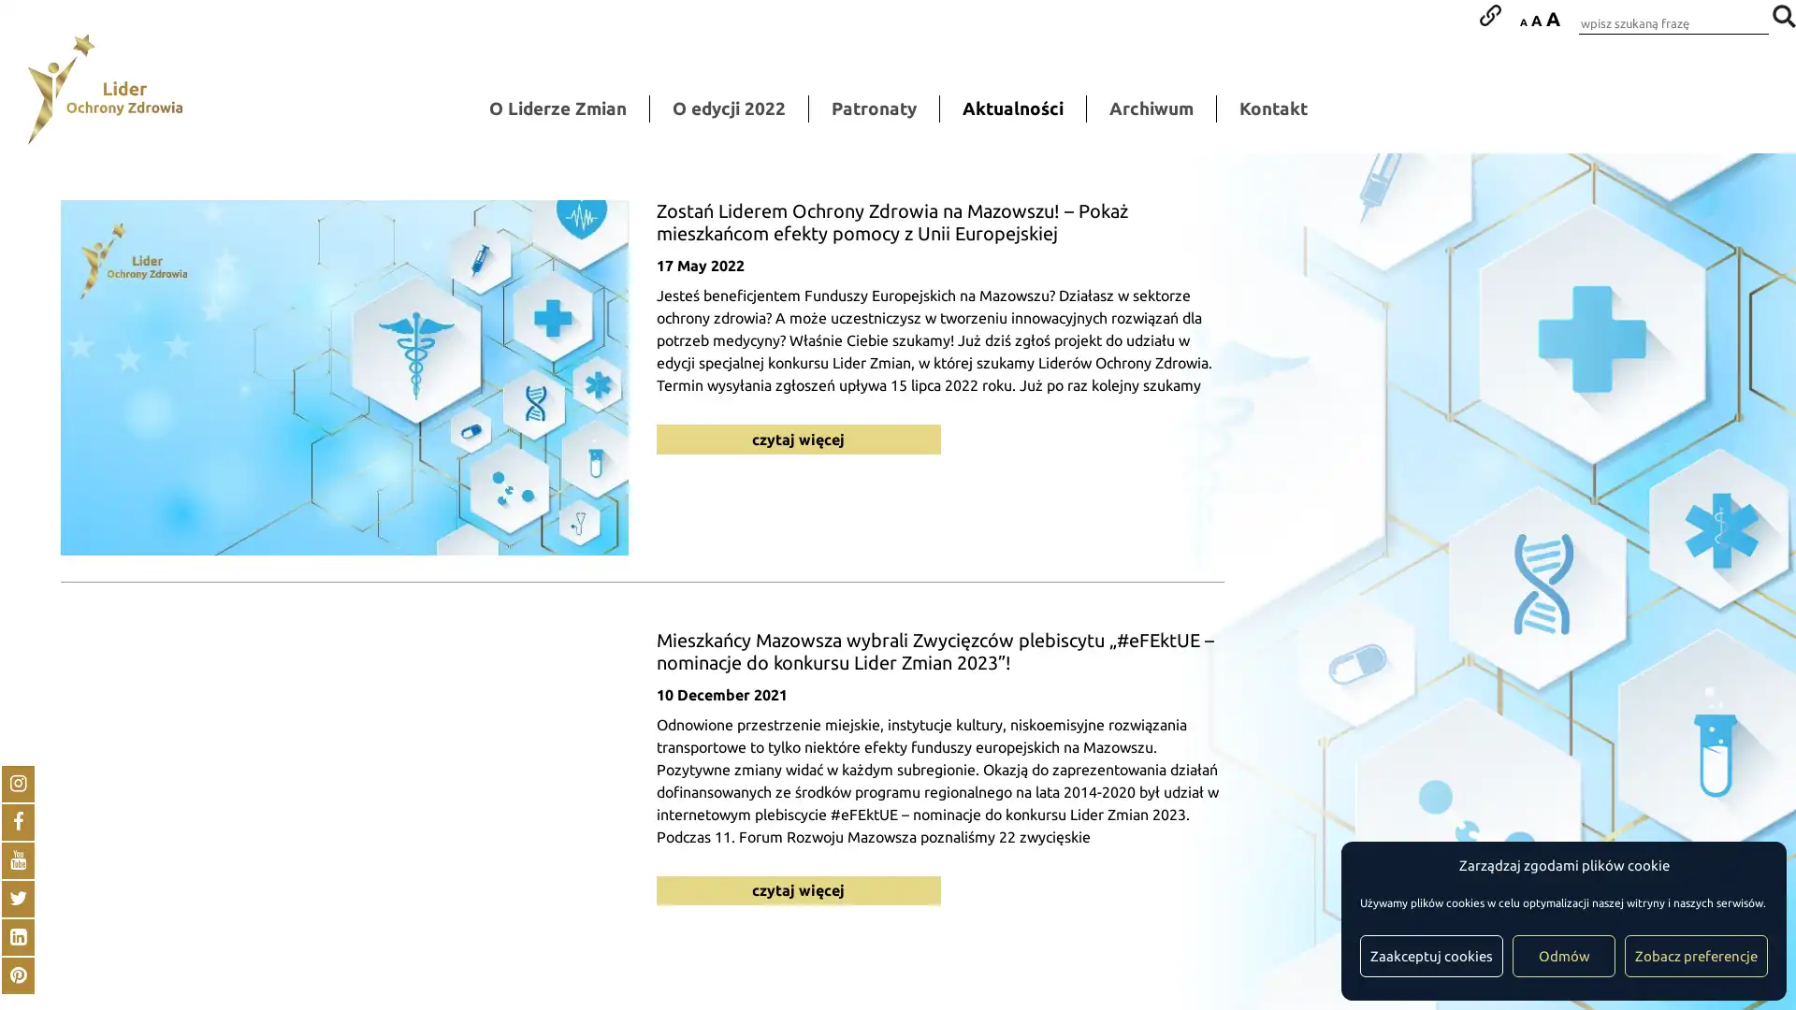 Image resolution: width=1796 pixels, height=1010 pixels. I want to click on Odmow, so click(1563, 956).